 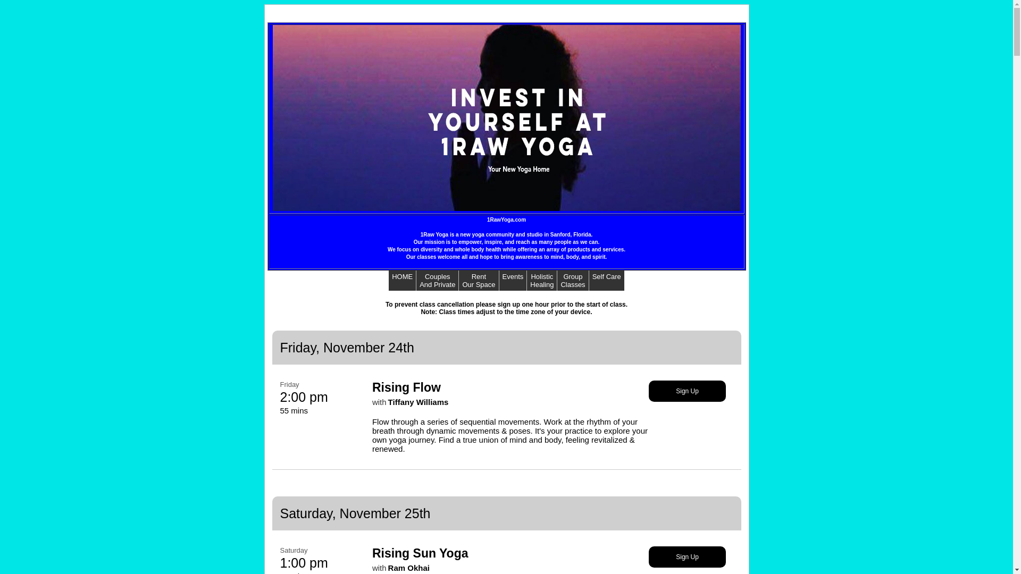 I want to click on 'Events, so click(x=513, y=280).